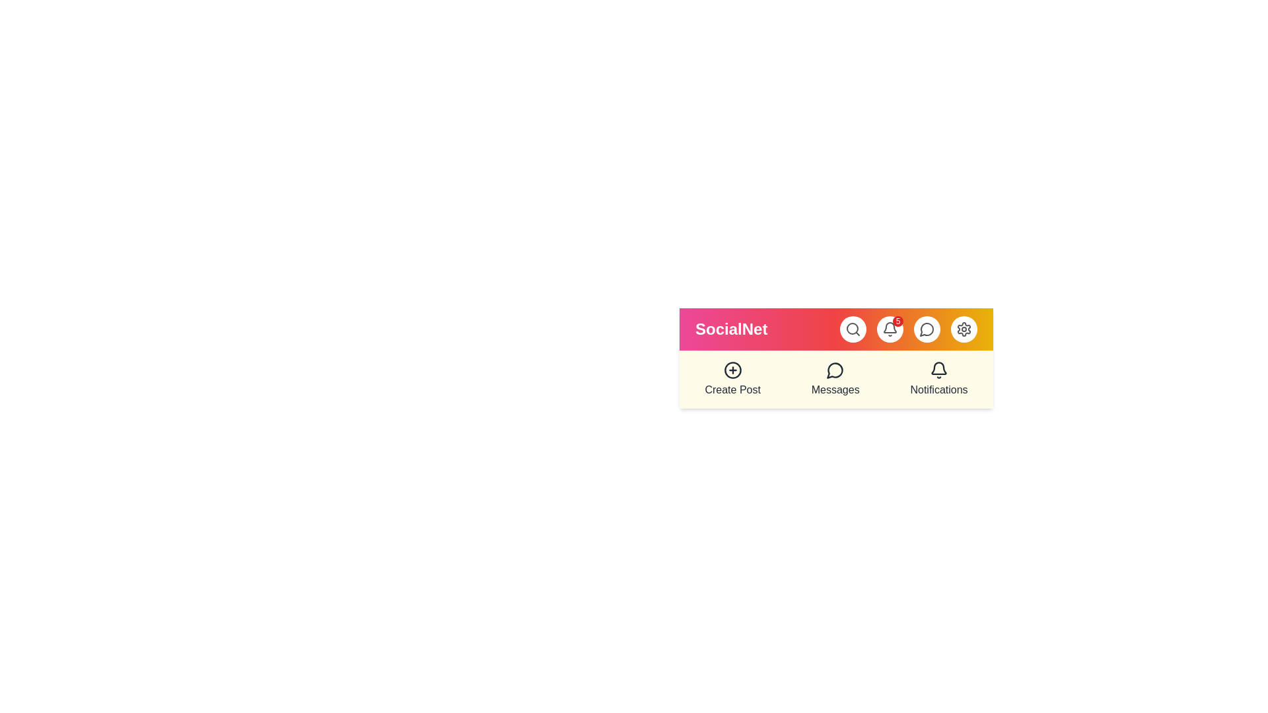  Describe the element at coordinates (853, 328) in the screenshot. I see `the search button in the SocialAppBar` at that location.